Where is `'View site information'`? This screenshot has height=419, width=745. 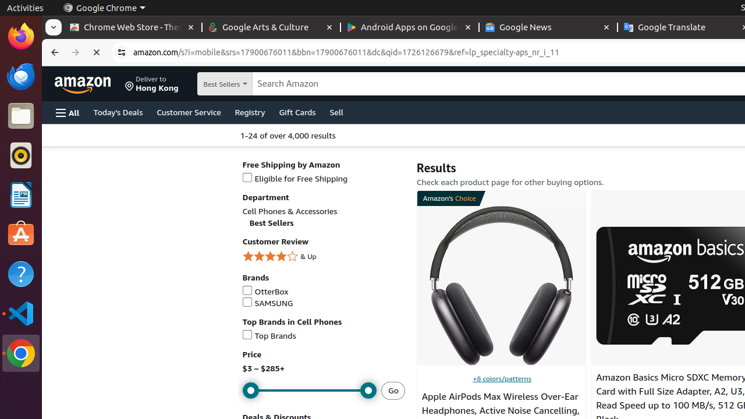 'View site information' is located at coordinates (122, 52).